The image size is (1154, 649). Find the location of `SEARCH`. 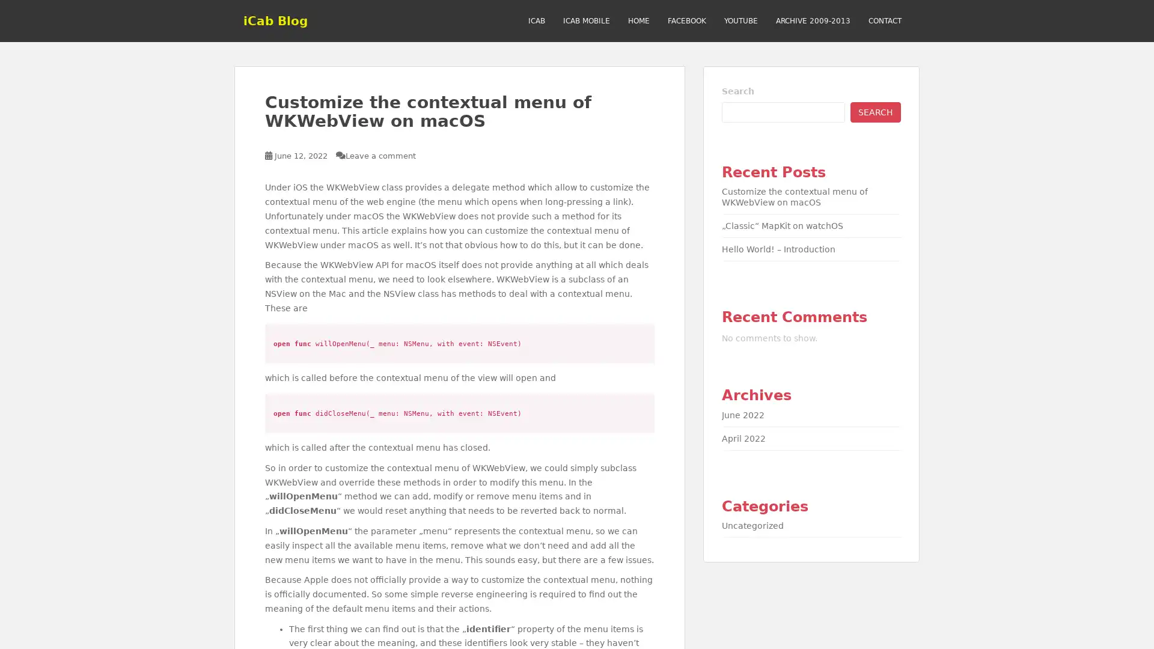

SEARCH is located at coordinates (876, 111).